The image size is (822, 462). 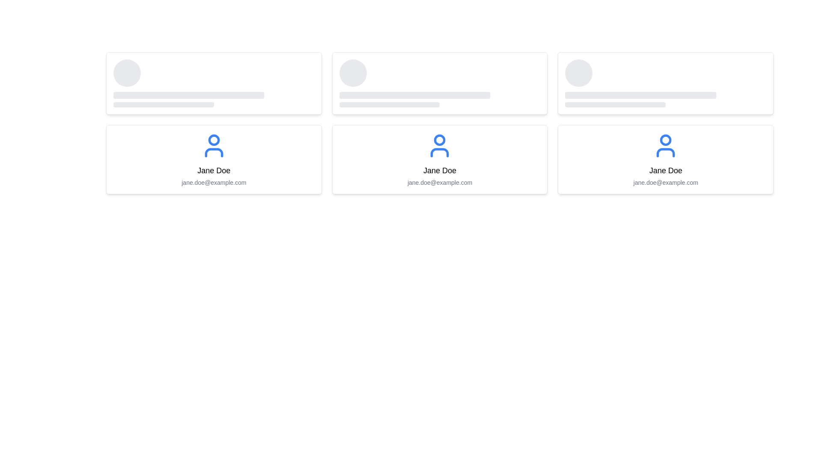 What do you see at coordinates (440, 139) in the screenshot?
I see `the small circular shape styled as an outline drawing in the SVG image, which represents a user profile and is located above the text 'Jane Doe' and the email address` at bounding box center [440, 139].